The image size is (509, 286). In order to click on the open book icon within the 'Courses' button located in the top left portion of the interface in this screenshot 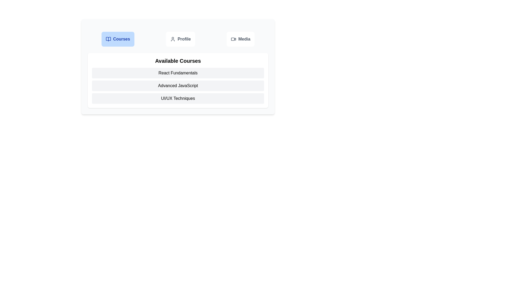, I will do `click(108, 39)`.